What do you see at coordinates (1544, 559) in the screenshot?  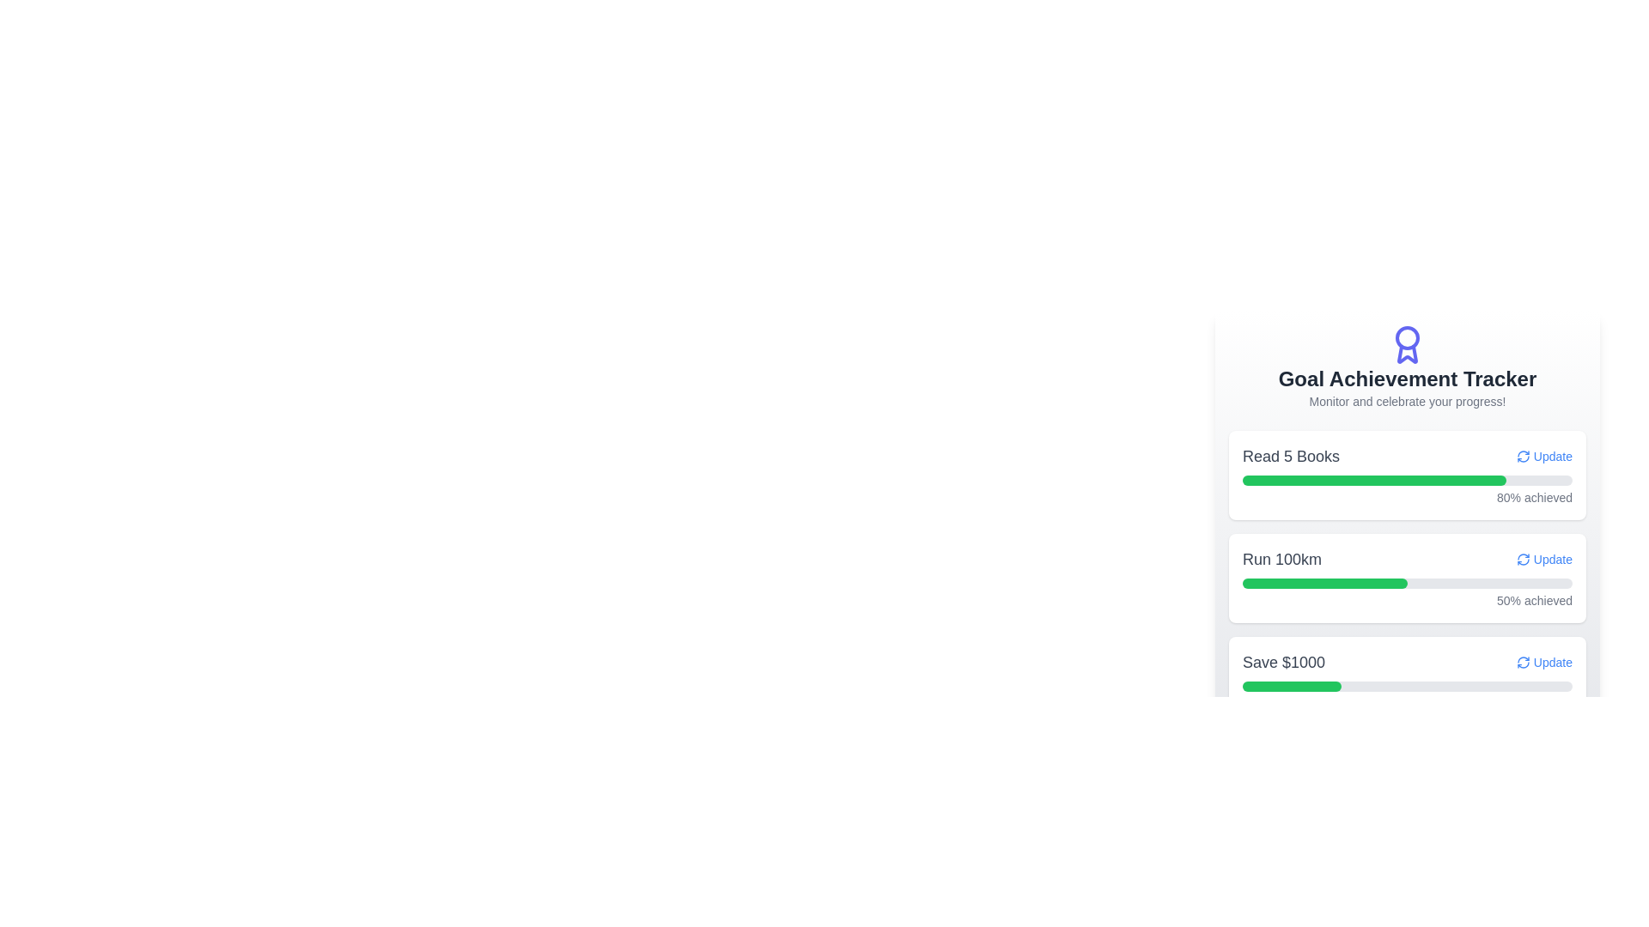 I see `the interactive link with accompanying icon located to the far right of the 'Run 100km' text to update the progress for the associated task` at bounding box center [1544, 559].